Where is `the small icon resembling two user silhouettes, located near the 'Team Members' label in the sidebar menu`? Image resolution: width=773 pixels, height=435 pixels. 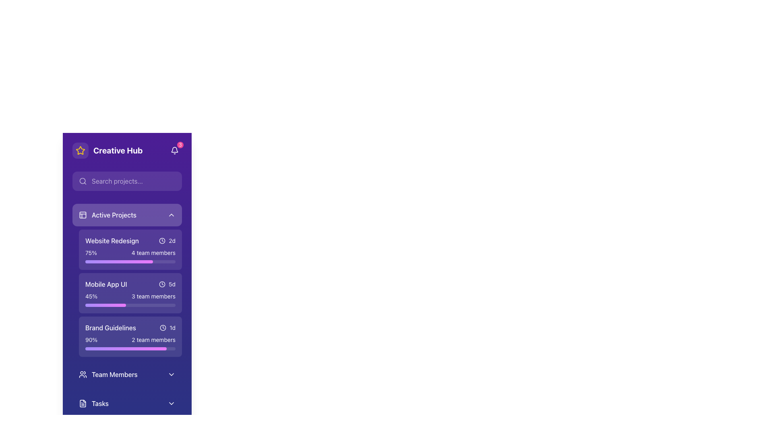 the small icon resembling two user silhouettes, located near the 'Team Members' label in the sidebar menu is located at coordinates (83, 374).